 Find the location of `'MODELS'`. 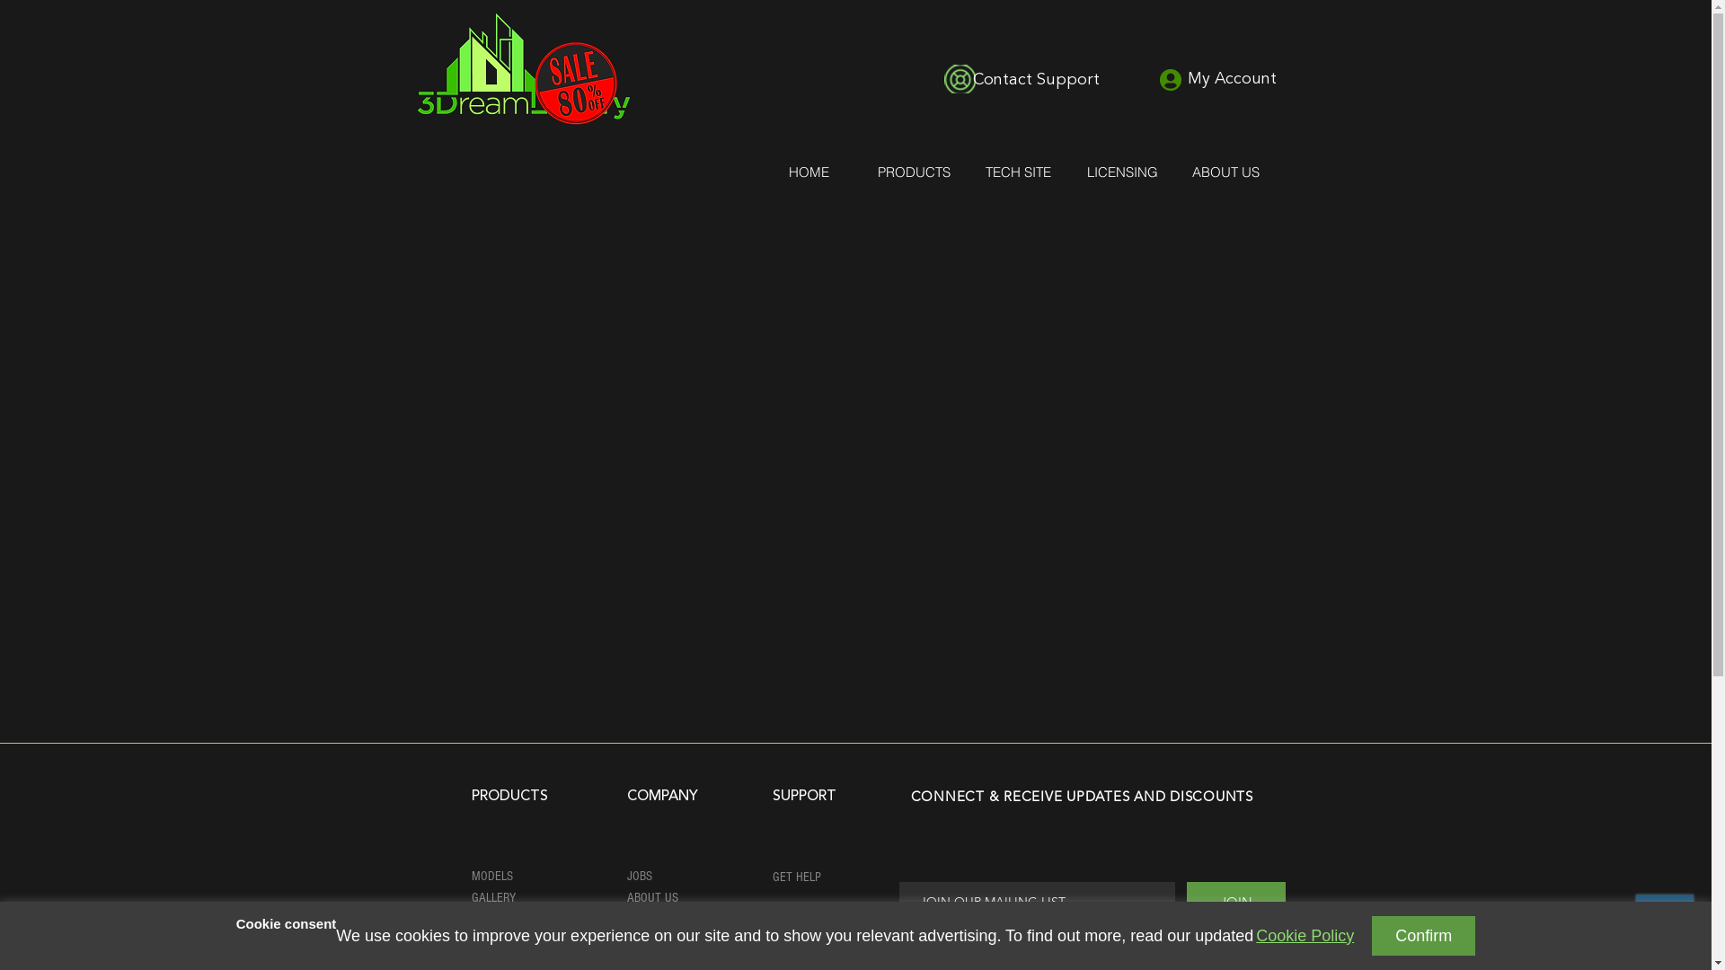

'MODELS' is located at coordinates (470, 875).